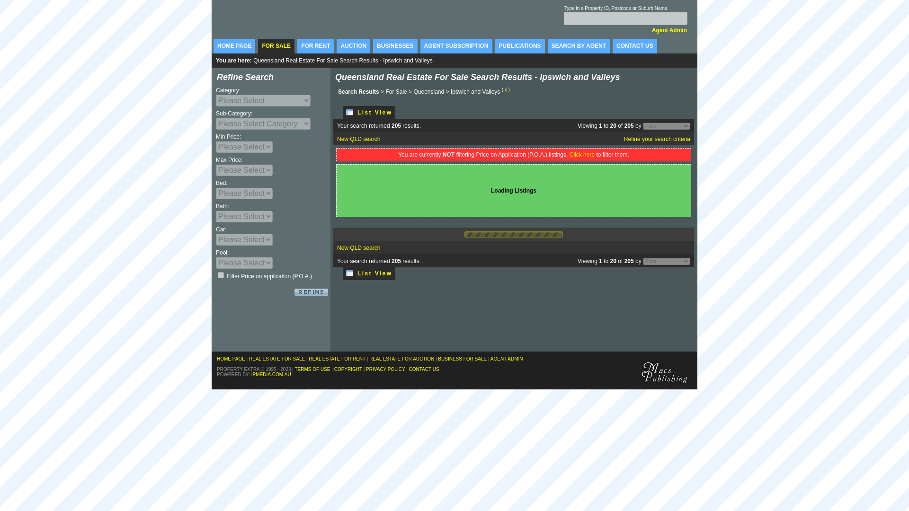 The width and height of the screenshot is (909, 511). I want to click on 'AUCTION', so click(353, 45).